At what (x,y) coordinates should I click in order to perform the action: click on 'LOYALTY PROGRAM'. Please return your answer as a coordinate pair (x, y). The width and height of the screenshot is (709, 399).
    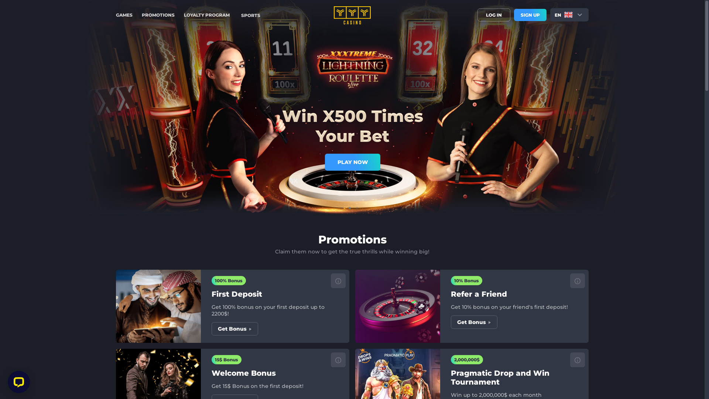
    Looking at the image, I should click on (207, 14).